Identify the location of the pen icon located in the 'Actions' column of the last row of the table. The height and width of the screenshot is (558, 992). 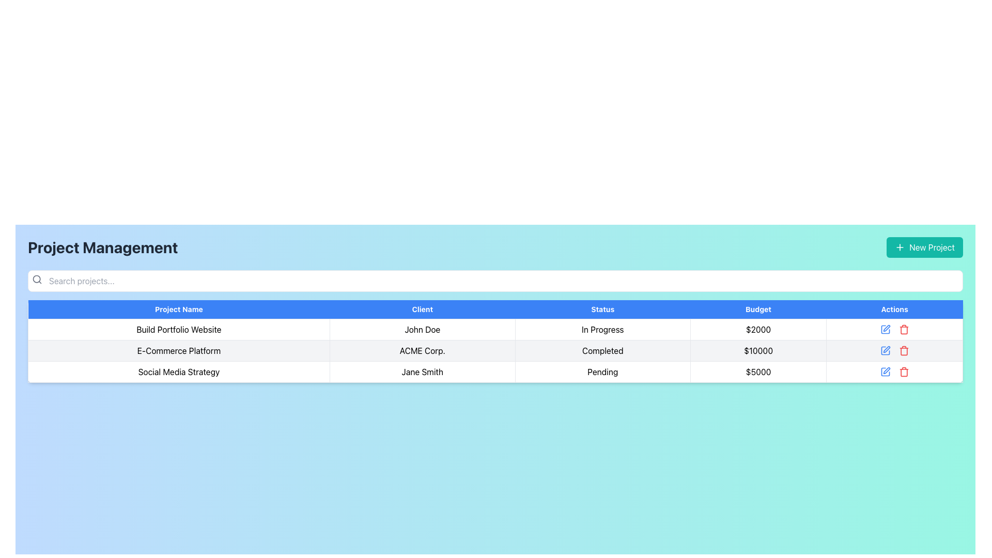
(886, 370).